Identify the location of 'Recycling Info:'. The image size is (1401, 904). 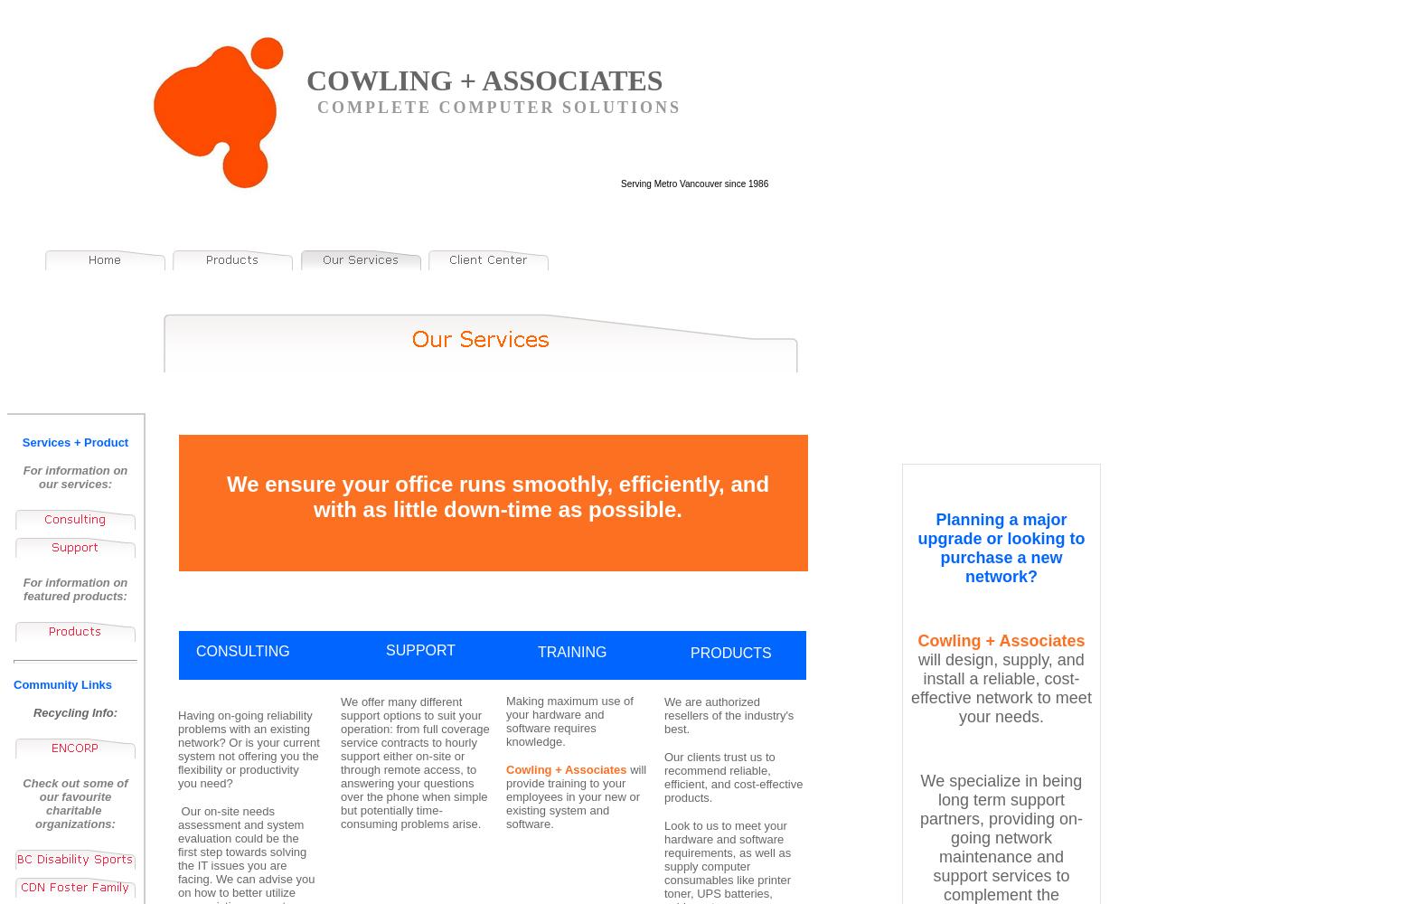
(74, 712).